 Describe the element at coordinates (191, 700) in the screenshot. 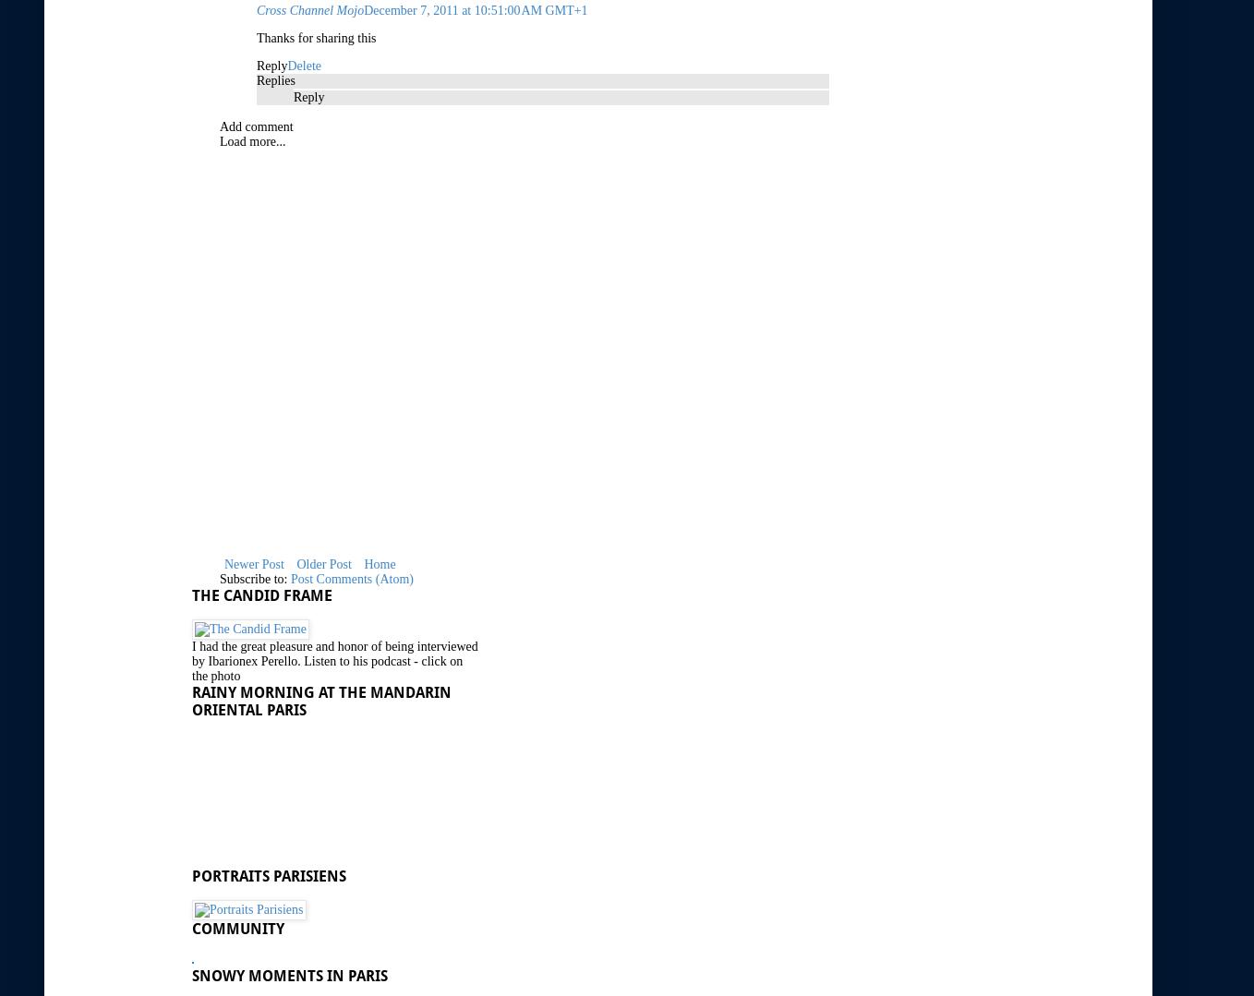

I see `'Rainy morning at the Mandarin Oriental Paris'` at that location.